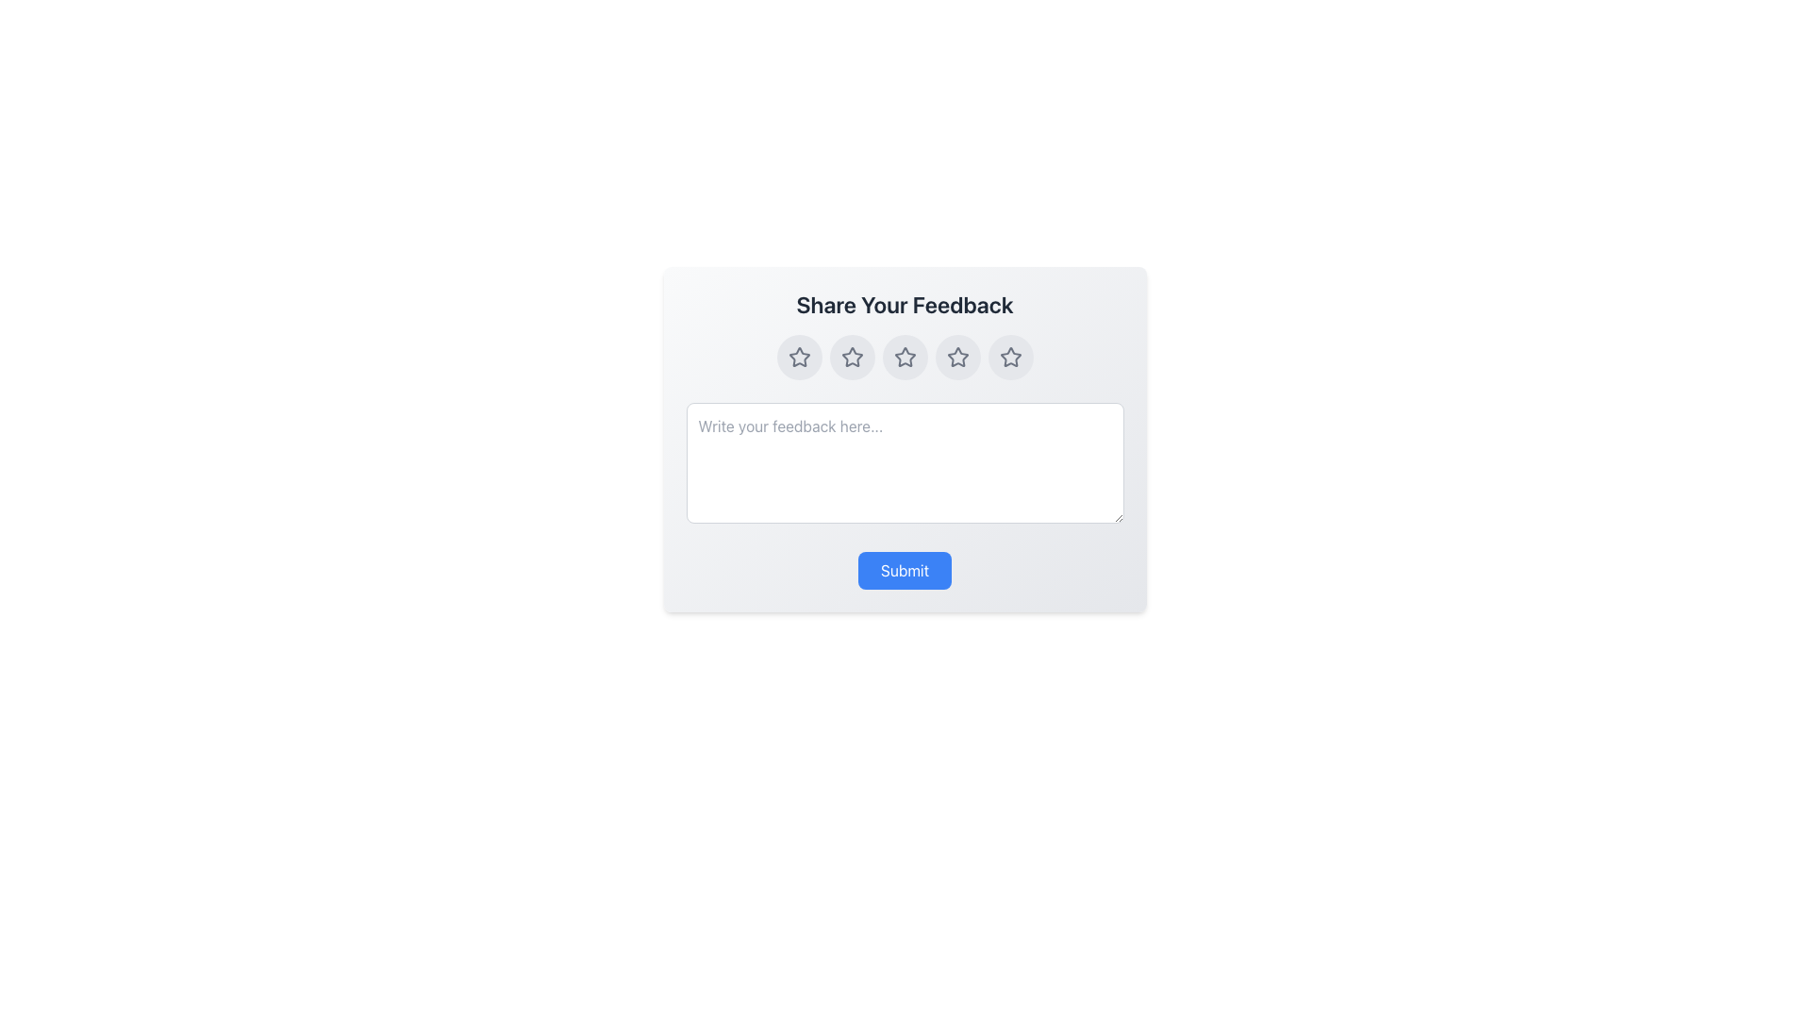  What do you see at coordinates (904, 357) in the screenshot?
I see `on the interactive star icon in the Rating component, located below the title 'Share Your Feedback' and above the feedback input box` at bounding box center [904, 357].